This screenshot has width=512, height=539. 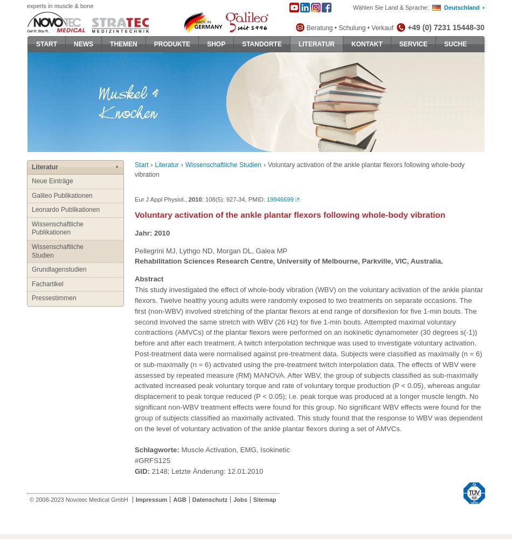 I want to click on 'Schlagworte:', so click(x=156, y=449).